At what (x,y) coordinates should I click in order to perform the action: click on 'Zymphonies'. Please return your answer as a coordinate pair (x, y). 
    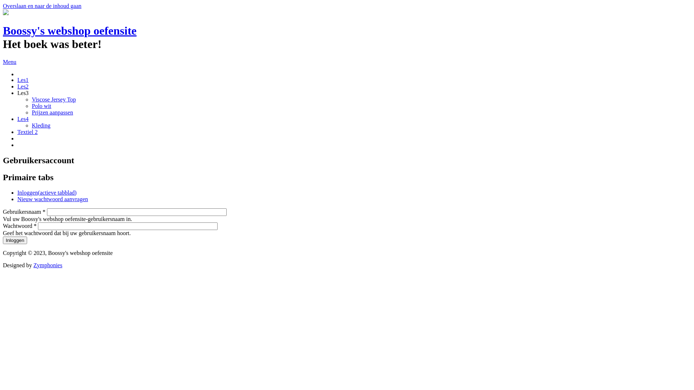
    Looking at the image, I should click on (33, 265).